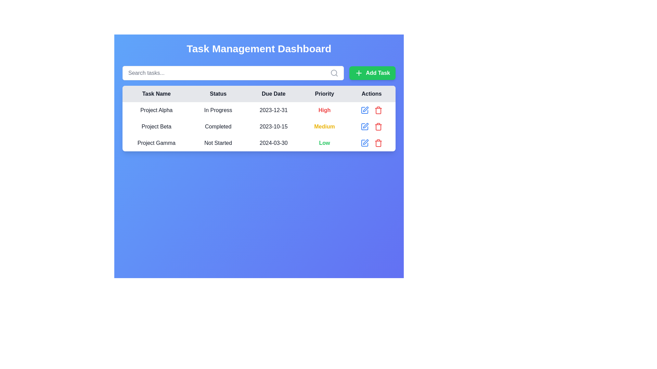  What do you see at coordinates (364, 110) in the screenshot?
I see `the Icon Button in the 'Actions' column of the first row of the task table` at bounding box center [364, 110].